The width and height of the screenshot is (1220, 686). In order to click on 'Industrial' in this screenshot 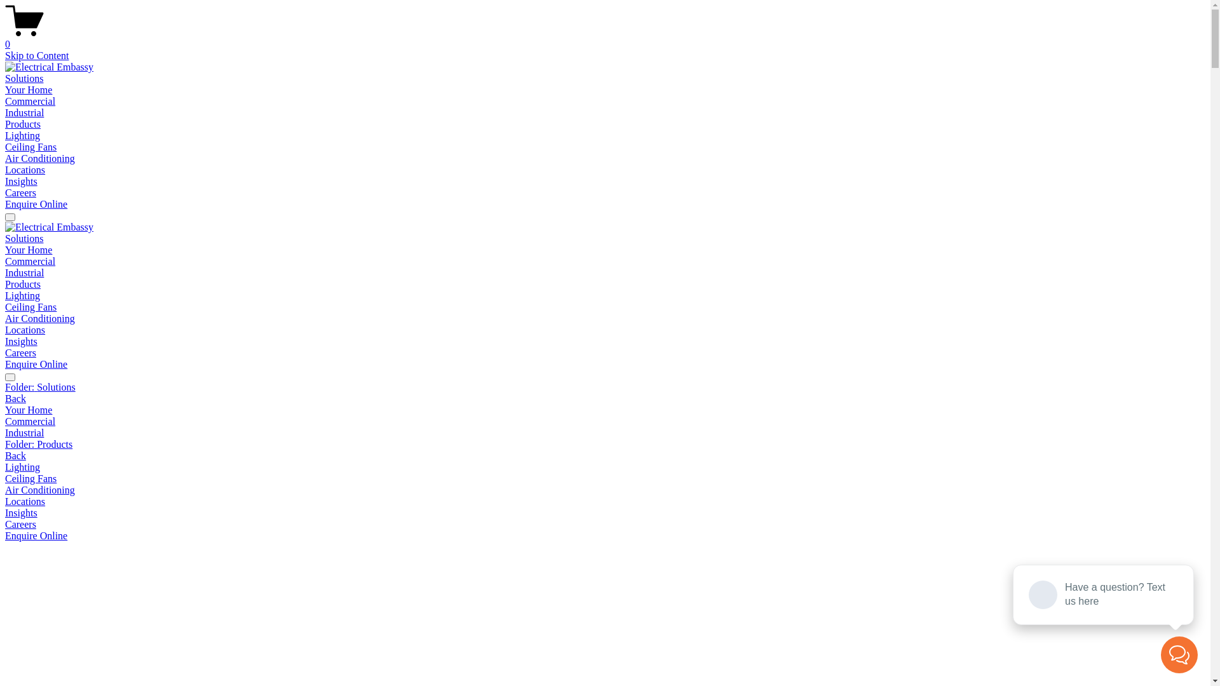, I will do `click(24, 272)`.